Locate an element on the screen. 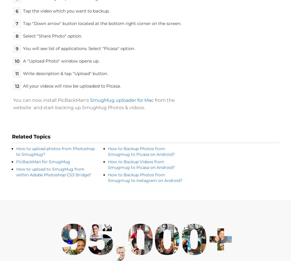 Image resolution: width=291 pixels, height=261 pixels. 'How to Backup Photos from Smugmug to Instagram on Android?' is located at coordinates (145, 177).